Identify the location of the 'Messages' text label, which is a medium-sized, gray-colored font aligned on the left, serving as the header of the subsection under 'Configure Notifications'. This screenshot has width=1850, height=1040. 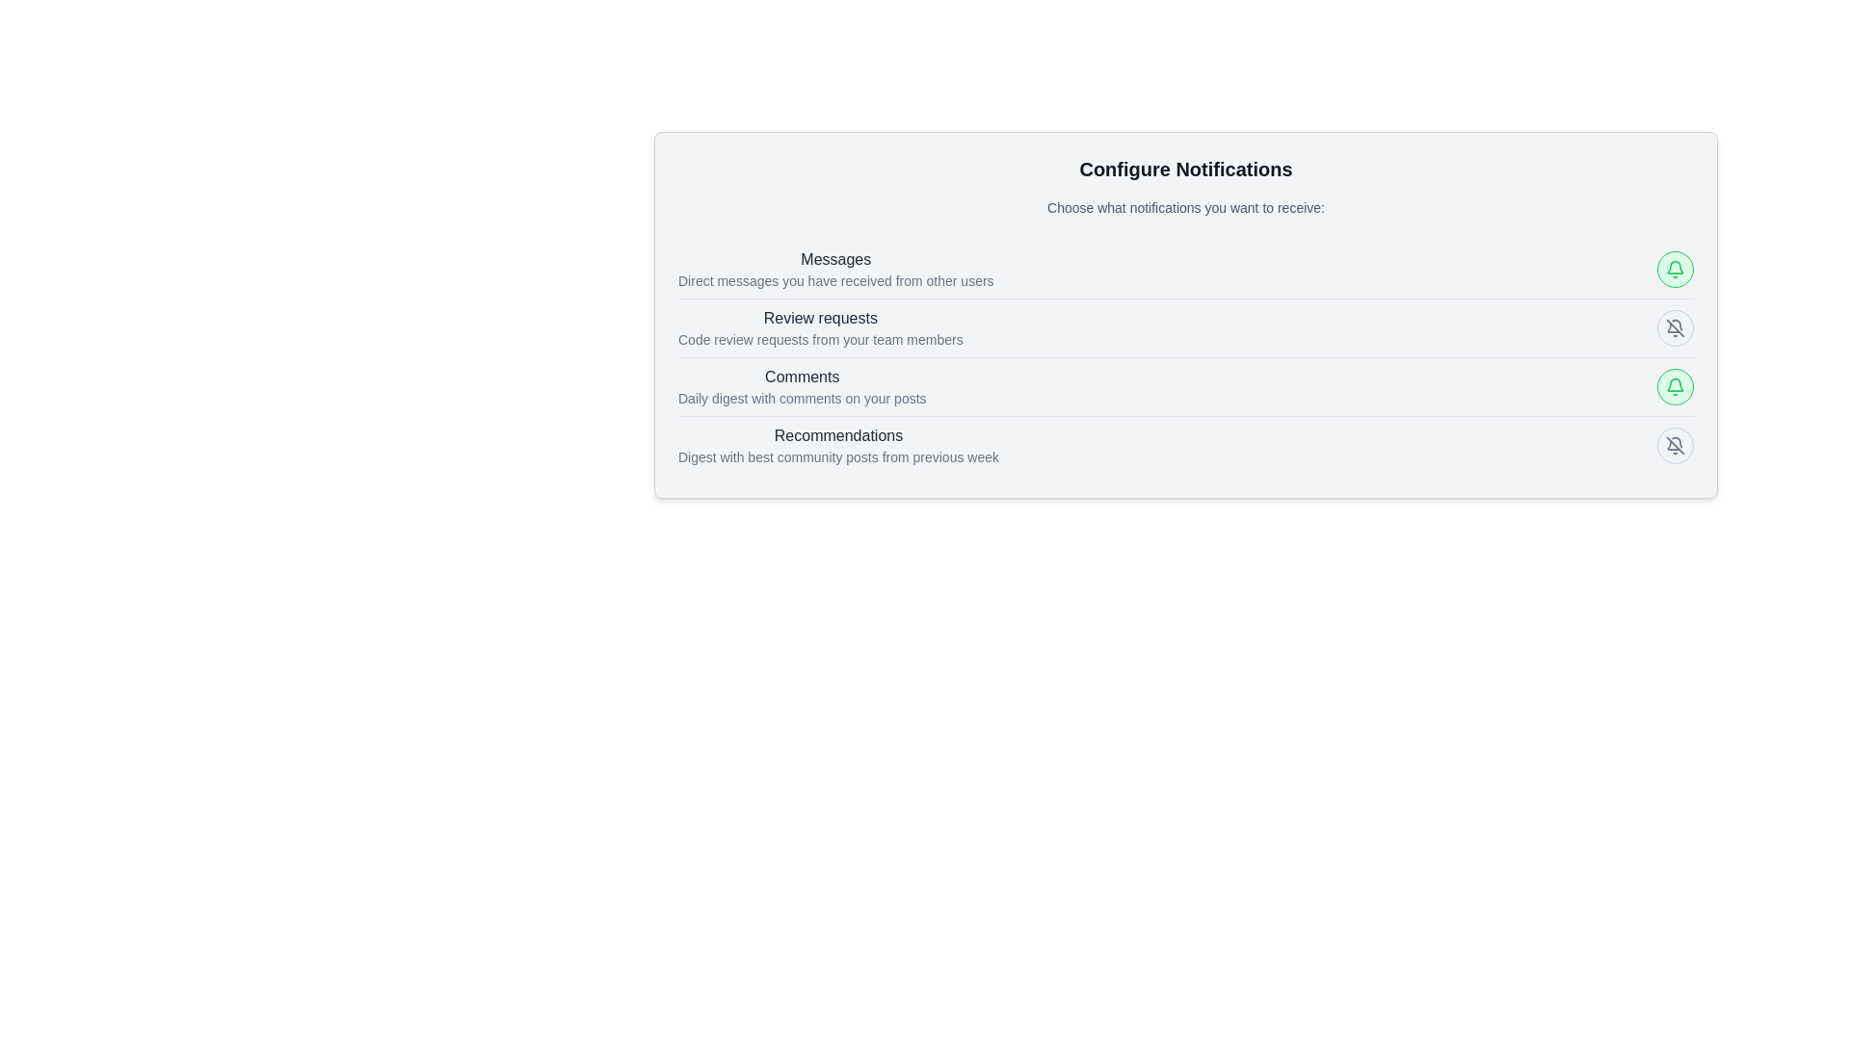
(835, 260).